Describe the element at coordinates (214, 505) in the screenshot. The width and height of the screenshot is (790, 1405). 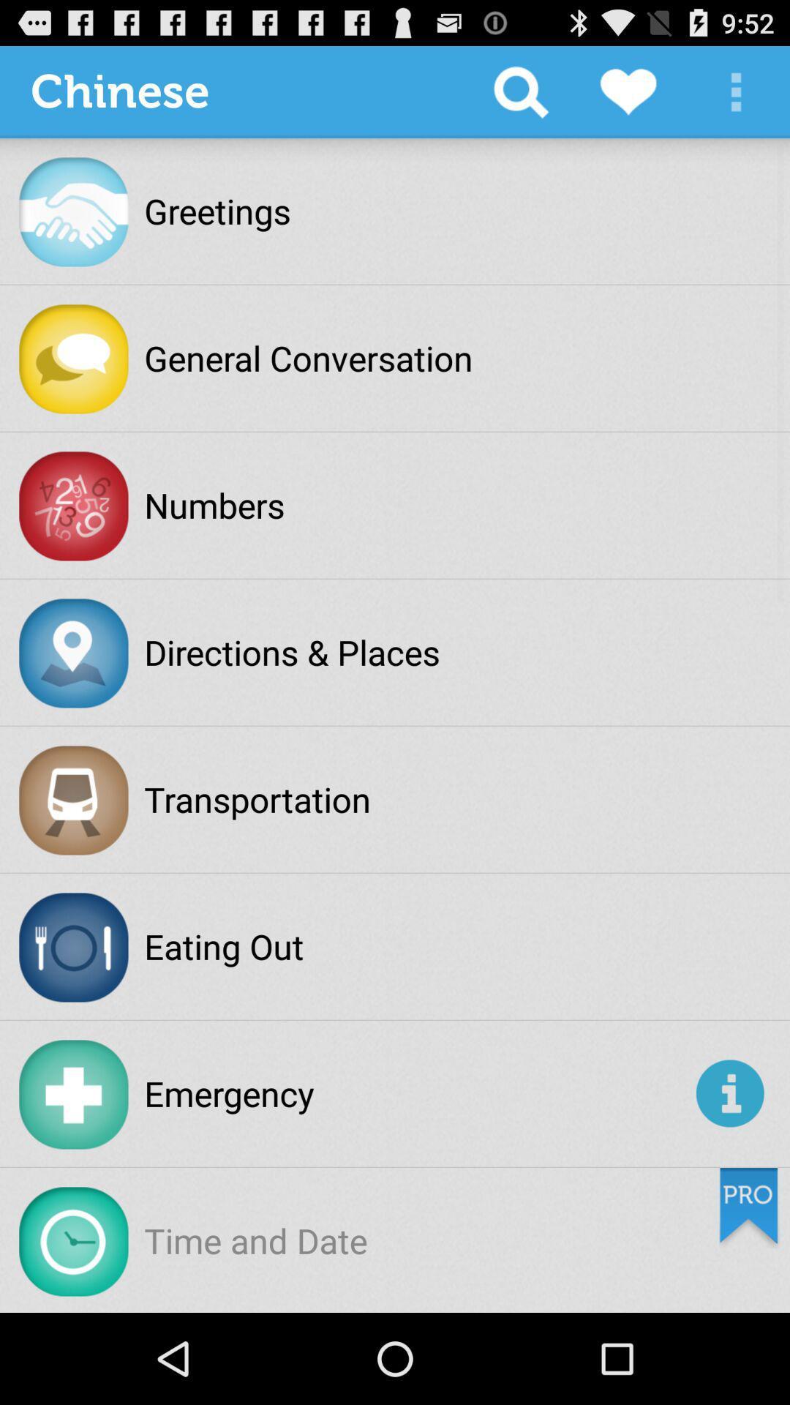
I see `the numbers icon` at that location.